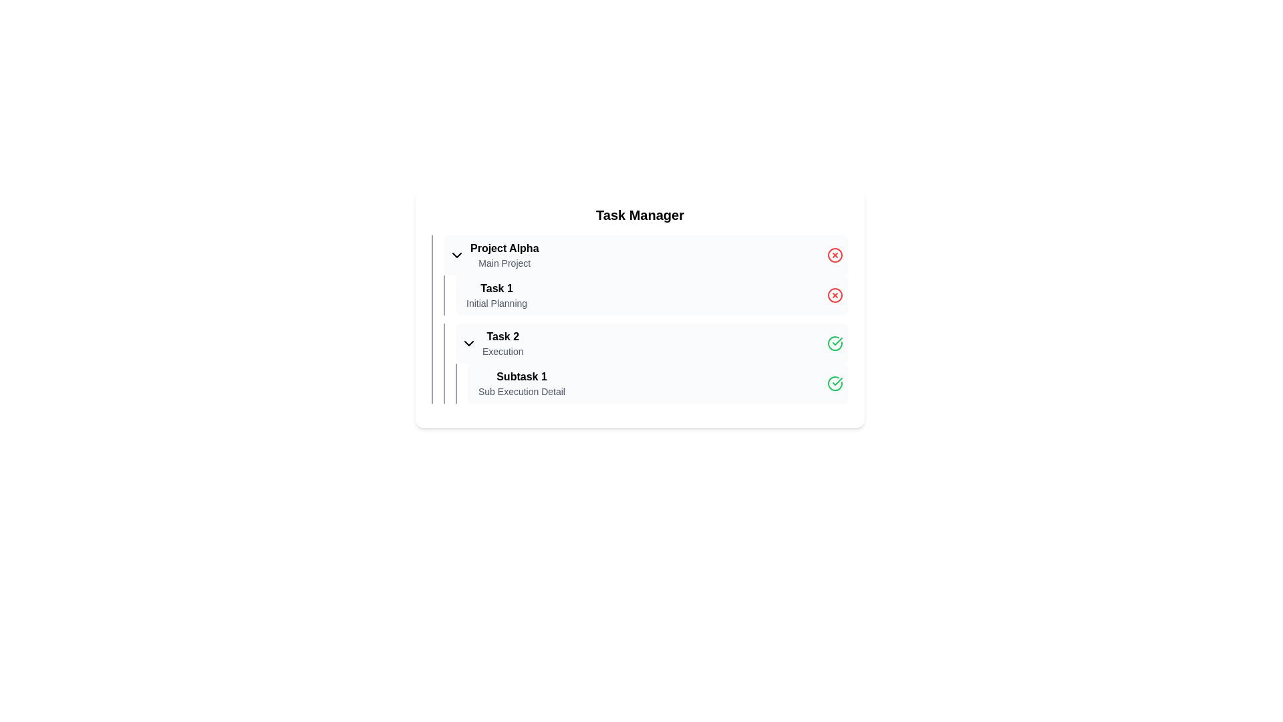 Image resolution: width=1283 pixels, height=722 pixels. What do you see at coordinates (837, 381) in the screenshot?
I see `the checkmark icon within a green circle, which is located to the right of the 'Task 2' label, indicating task status` at bounding box center [837, 381].